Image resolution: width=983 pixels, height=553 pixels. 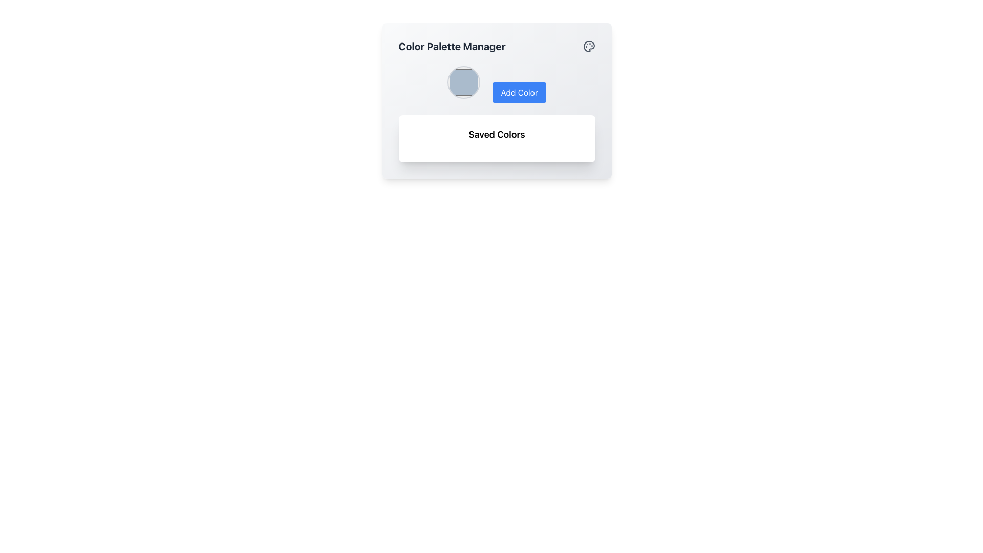 What do you see at coordinates (497, 138) in the screenshot?
I see `the Label/Section Header for the saved colors within the 'Color Palette Manager', located below the 'Add Color' section` at bounding box center [497, 138].